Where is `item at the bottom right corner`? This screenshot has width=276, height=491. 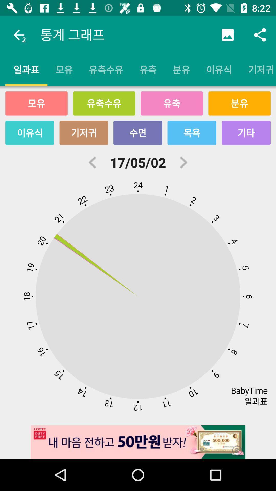
item at the bottom right corner is located at coordinates (234, 447).